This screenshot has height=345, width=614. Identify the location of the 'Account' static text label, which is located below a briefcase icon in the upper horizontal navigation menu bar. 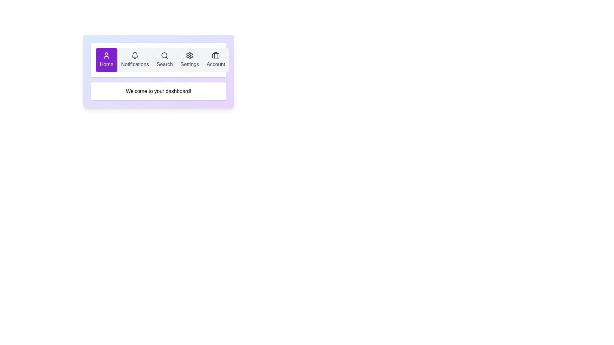
(216, 64).